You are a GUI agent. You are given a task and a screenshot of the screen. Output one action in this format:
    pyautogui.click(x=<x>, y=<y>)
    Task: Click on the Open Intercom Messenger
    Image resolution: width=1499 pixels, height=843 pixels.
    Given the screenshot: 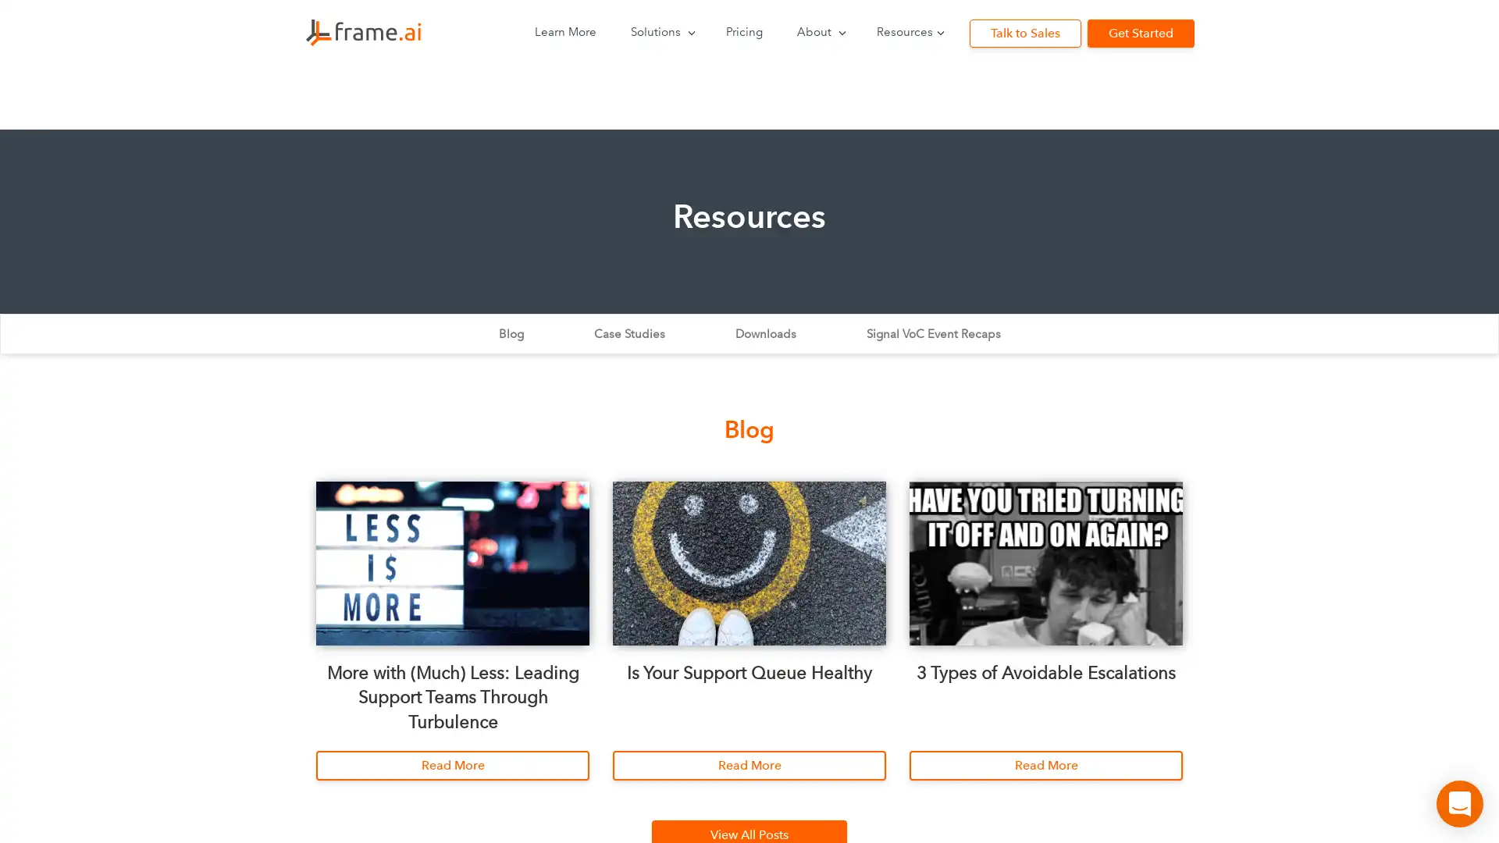 What is the action you would take?
    pyautogui.click(x=1459, y=803)
    